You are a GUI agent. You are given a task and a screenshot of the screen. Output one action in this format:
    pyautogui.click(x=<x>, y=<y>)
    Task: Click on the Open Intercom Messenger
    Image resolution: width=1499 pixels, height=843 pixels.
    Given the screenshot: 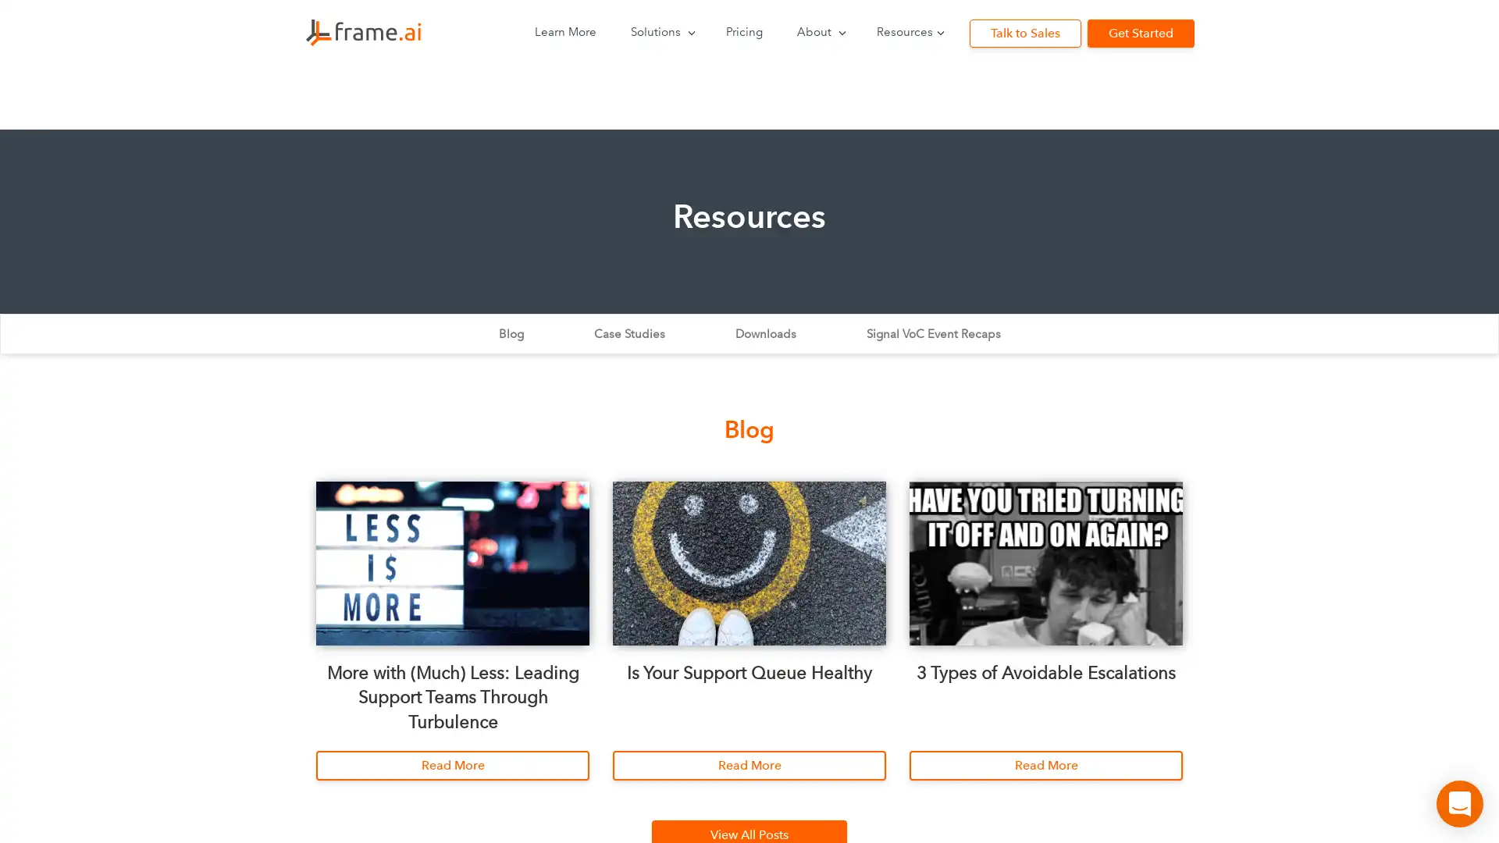 What is the action you would take?
    pyautogui.click(x=1459, y=803)
    